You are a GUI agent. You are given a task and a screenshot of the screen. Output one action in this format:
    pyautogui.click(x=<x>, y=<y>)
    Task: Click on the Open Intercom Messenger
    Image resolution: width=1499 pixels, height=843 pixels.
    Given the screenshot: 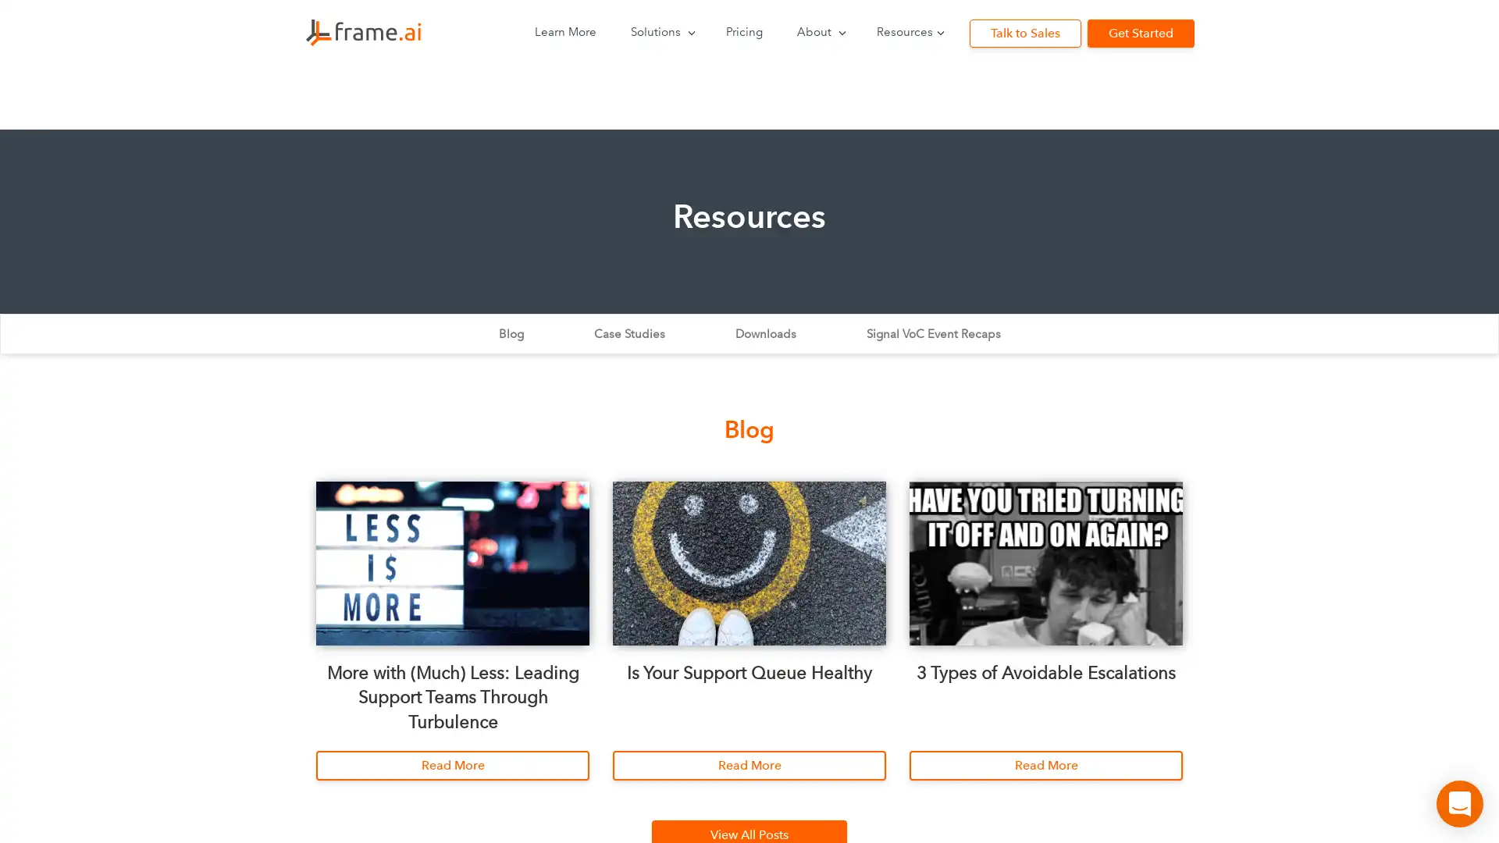 What is the action you would take?
    pyautogui.click(x=1459, y=803)
    